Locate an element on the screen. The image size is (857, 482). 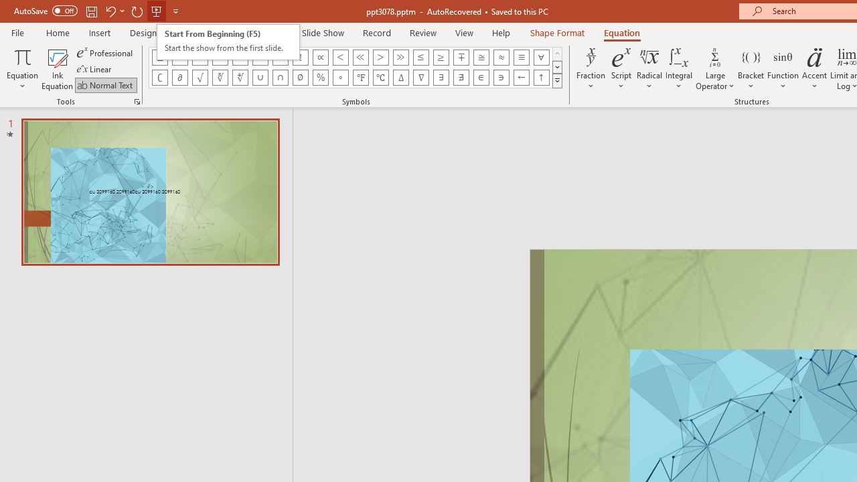
'Equation Symbol Cube Root' is located at coordinates (220, 77).